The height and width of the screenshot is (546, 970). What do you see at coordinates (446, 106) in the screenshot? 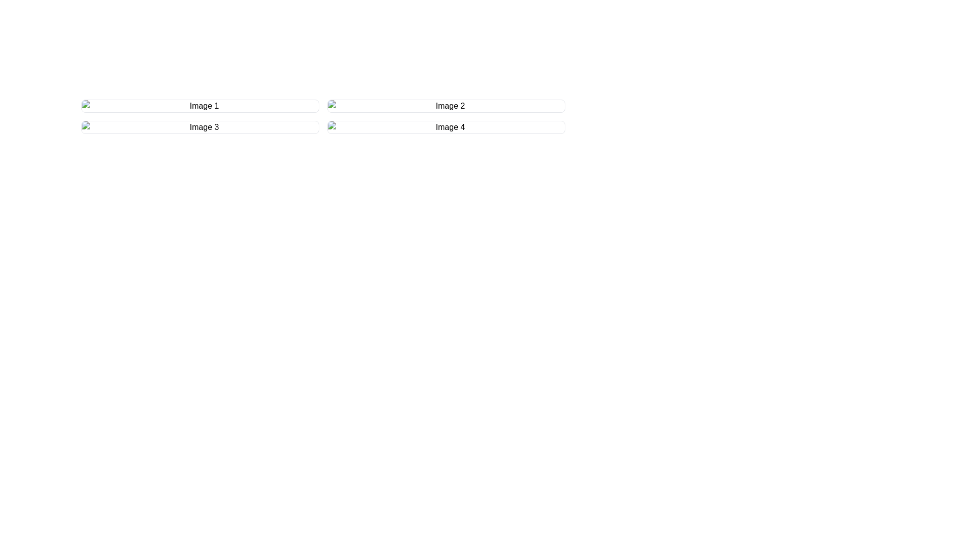
I see `the image placeholder labeled 'Image 2'` at bounding box center [446, 106].